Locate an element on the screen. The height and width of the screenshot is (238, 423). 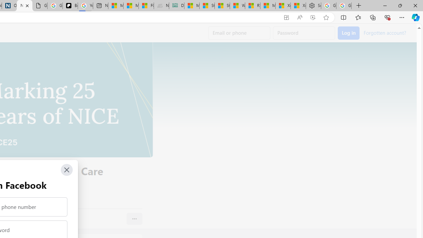
'FOX News - MSN' is located at coordinates (146, 6).